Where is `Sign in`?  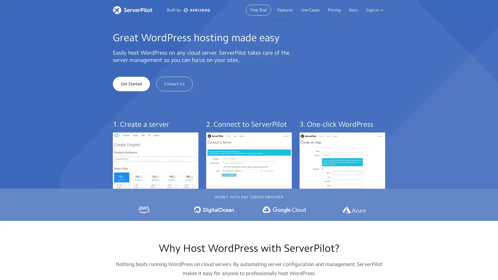
Sign in is located at coordinates (375, 10).